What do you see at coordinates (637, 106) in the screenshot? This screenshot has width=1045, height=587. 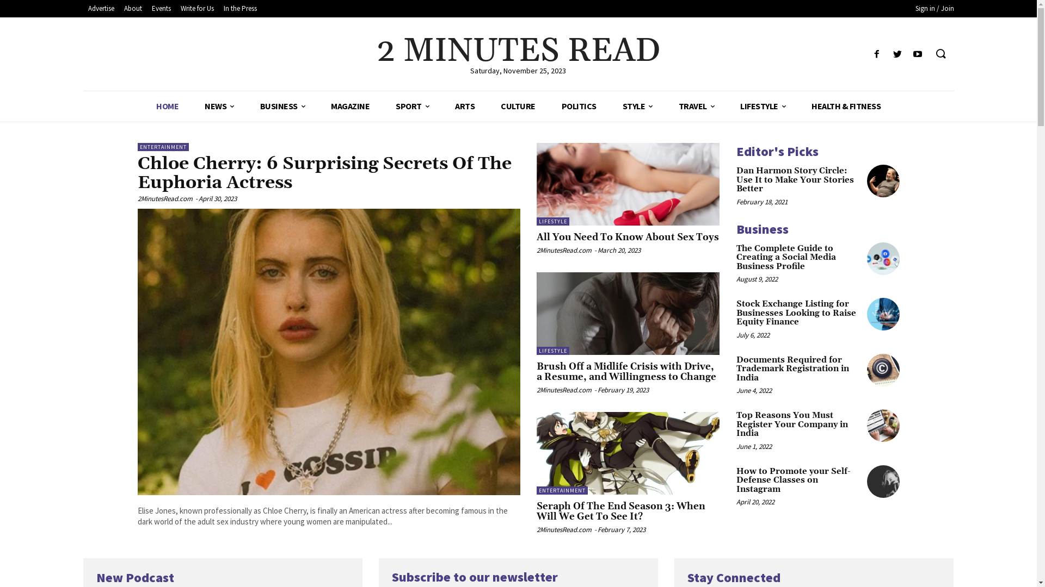 I see `'STYLE'` at bounding box center [637, 106].